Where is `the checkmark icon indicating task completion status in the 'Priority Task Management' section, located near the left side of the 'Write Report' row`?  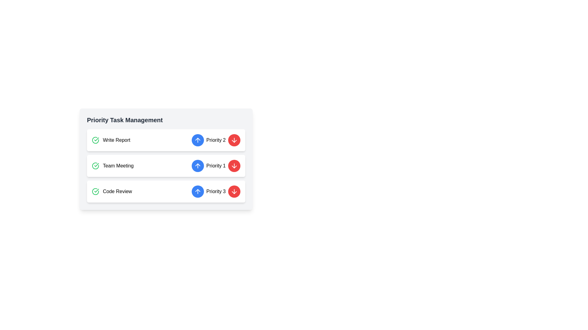
the checkmark icon indicating task completion status in the 'Priority Task Management' section, located near the left side of the 'Write Report' row is located at coordinates (96, 190).